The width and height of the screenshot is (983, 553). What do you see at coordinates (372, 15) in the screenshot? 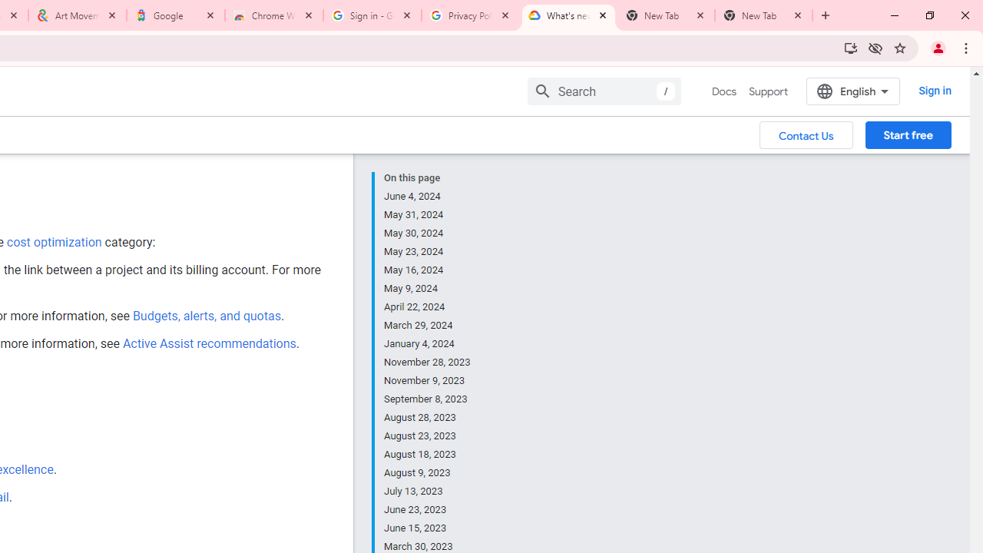
I see `'Sign in - Google Accounts'` at bounding box center [372, 15].